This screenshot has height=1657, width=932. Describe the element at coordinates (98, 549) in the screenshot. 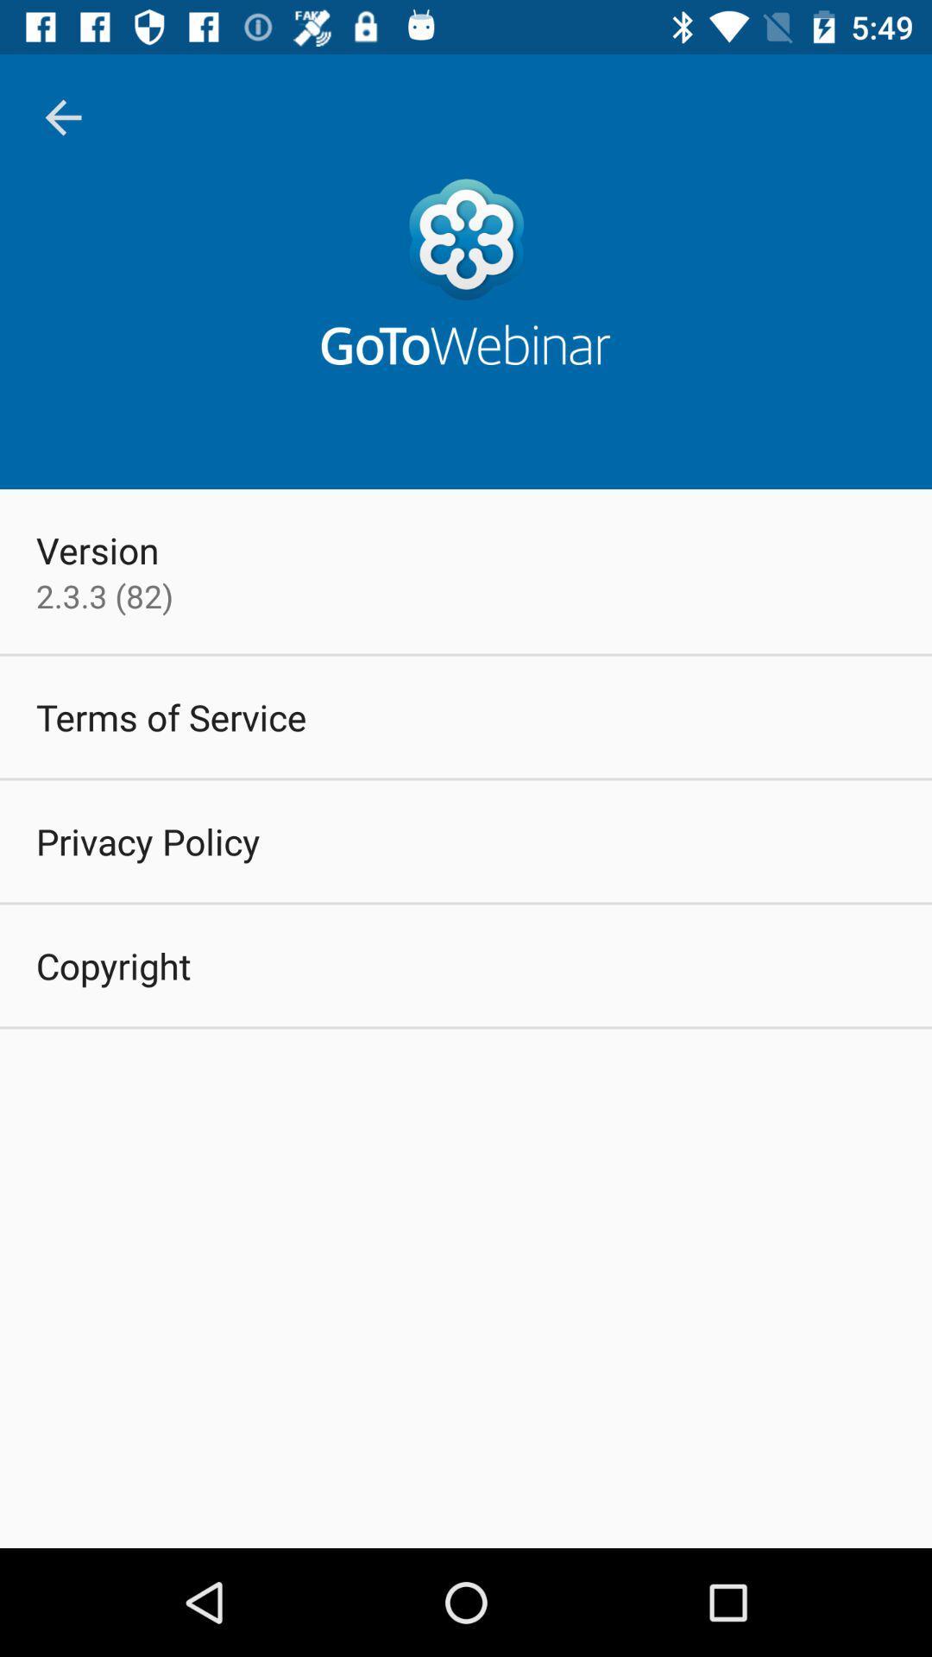

I see `version item` at that location.